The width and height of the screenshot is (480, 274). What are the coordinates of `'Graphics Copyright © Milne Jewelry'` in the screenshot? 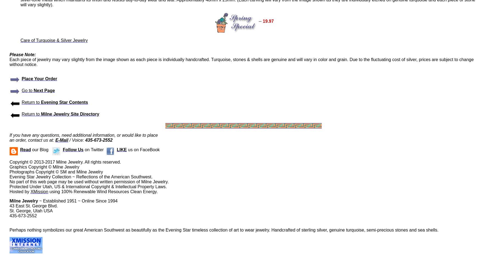 It's located at (44, 167).